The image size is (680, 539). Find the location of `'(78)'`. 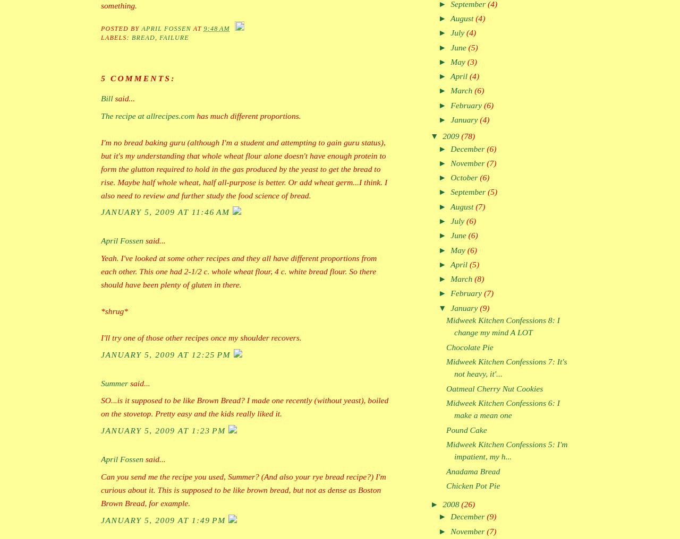

'(78)' is located at coordinates (467, 135).